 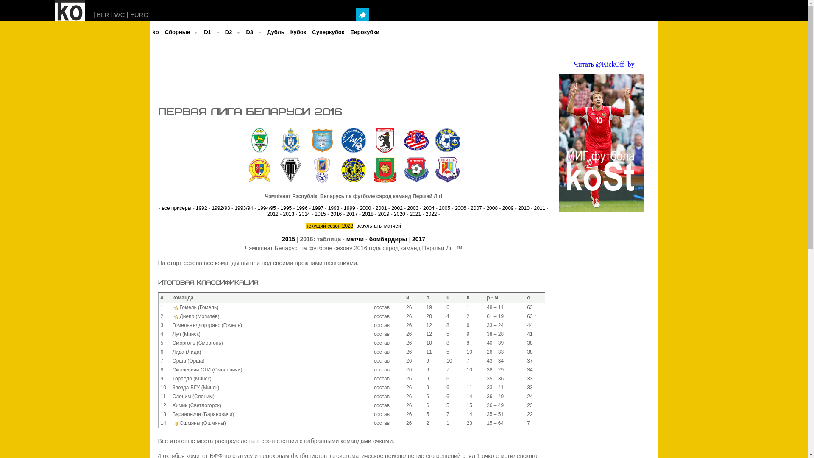 What do you see at coordinates (381, 208) in the screenshot?
I see `'2001'` at bounding box center [381, 208].